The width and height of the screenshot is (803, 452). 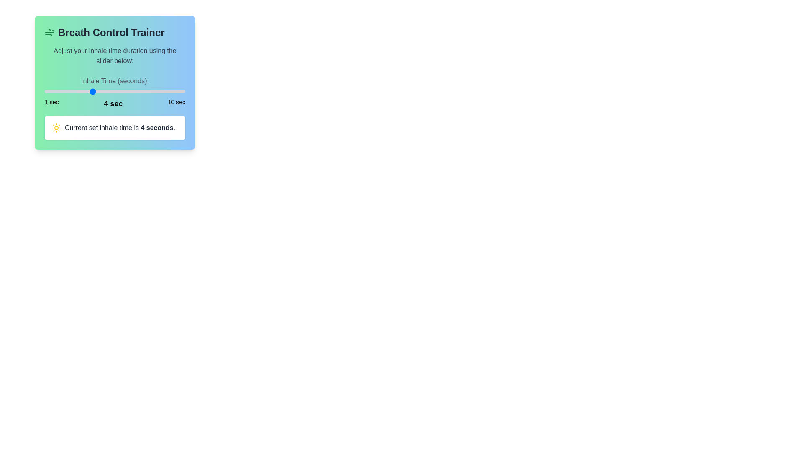 I want to click on the slider to focus on it, so click(x=114, y=92).